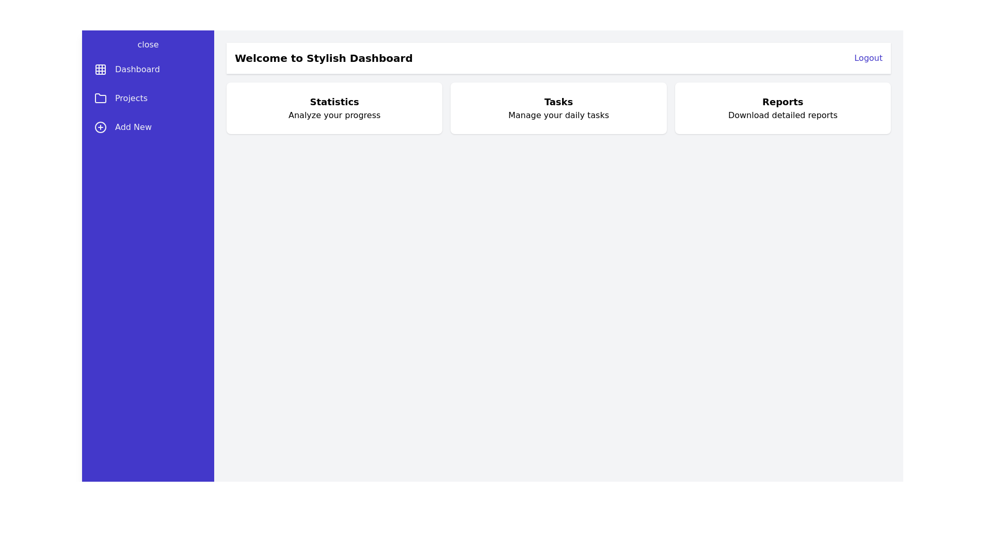 This screenshot has height=557, width=991. Describe the element at coordinates (101, 70) in the screenshot. I see `the appearance of the blue rectangular graphical icon component located at the top-left corner of the grid adjacent to the 'Dashboard' menu item` at that location.